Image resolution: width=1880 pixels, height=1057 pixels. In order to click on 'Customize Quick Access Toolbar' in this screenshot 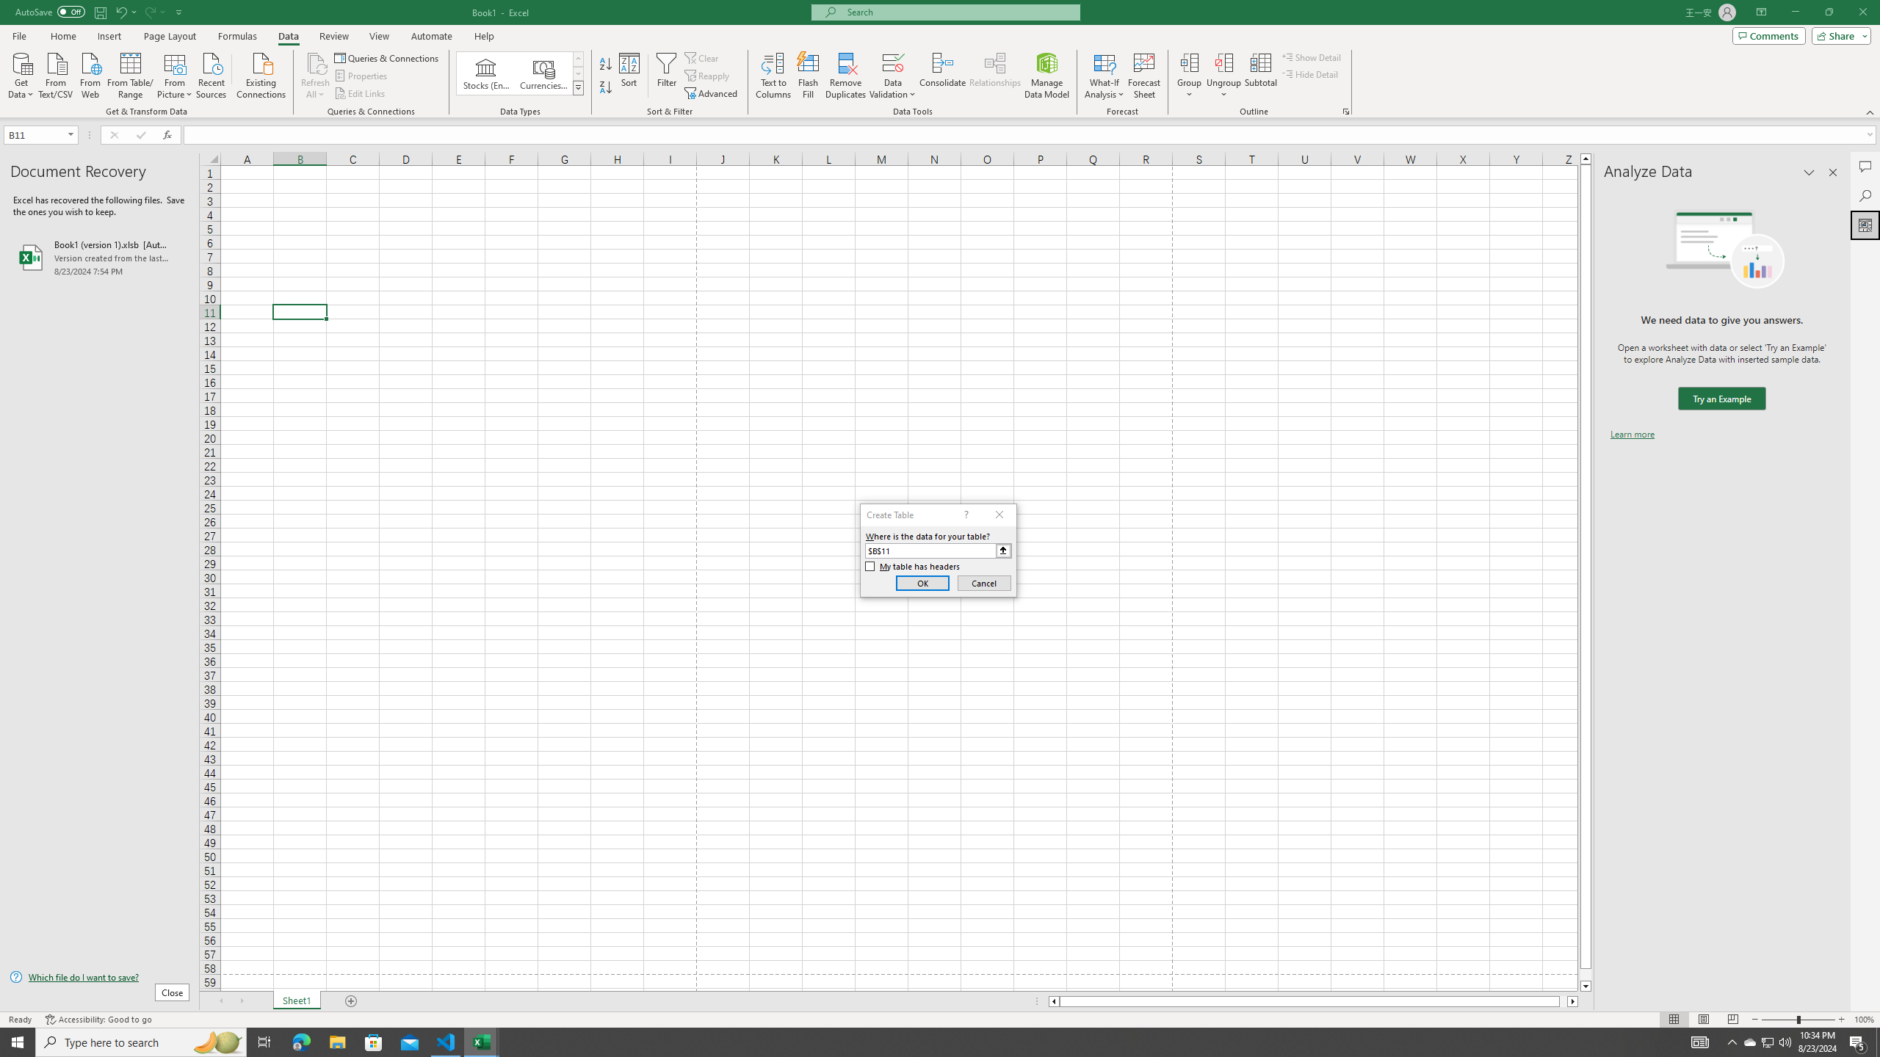, I will do `click(179, 11)`.